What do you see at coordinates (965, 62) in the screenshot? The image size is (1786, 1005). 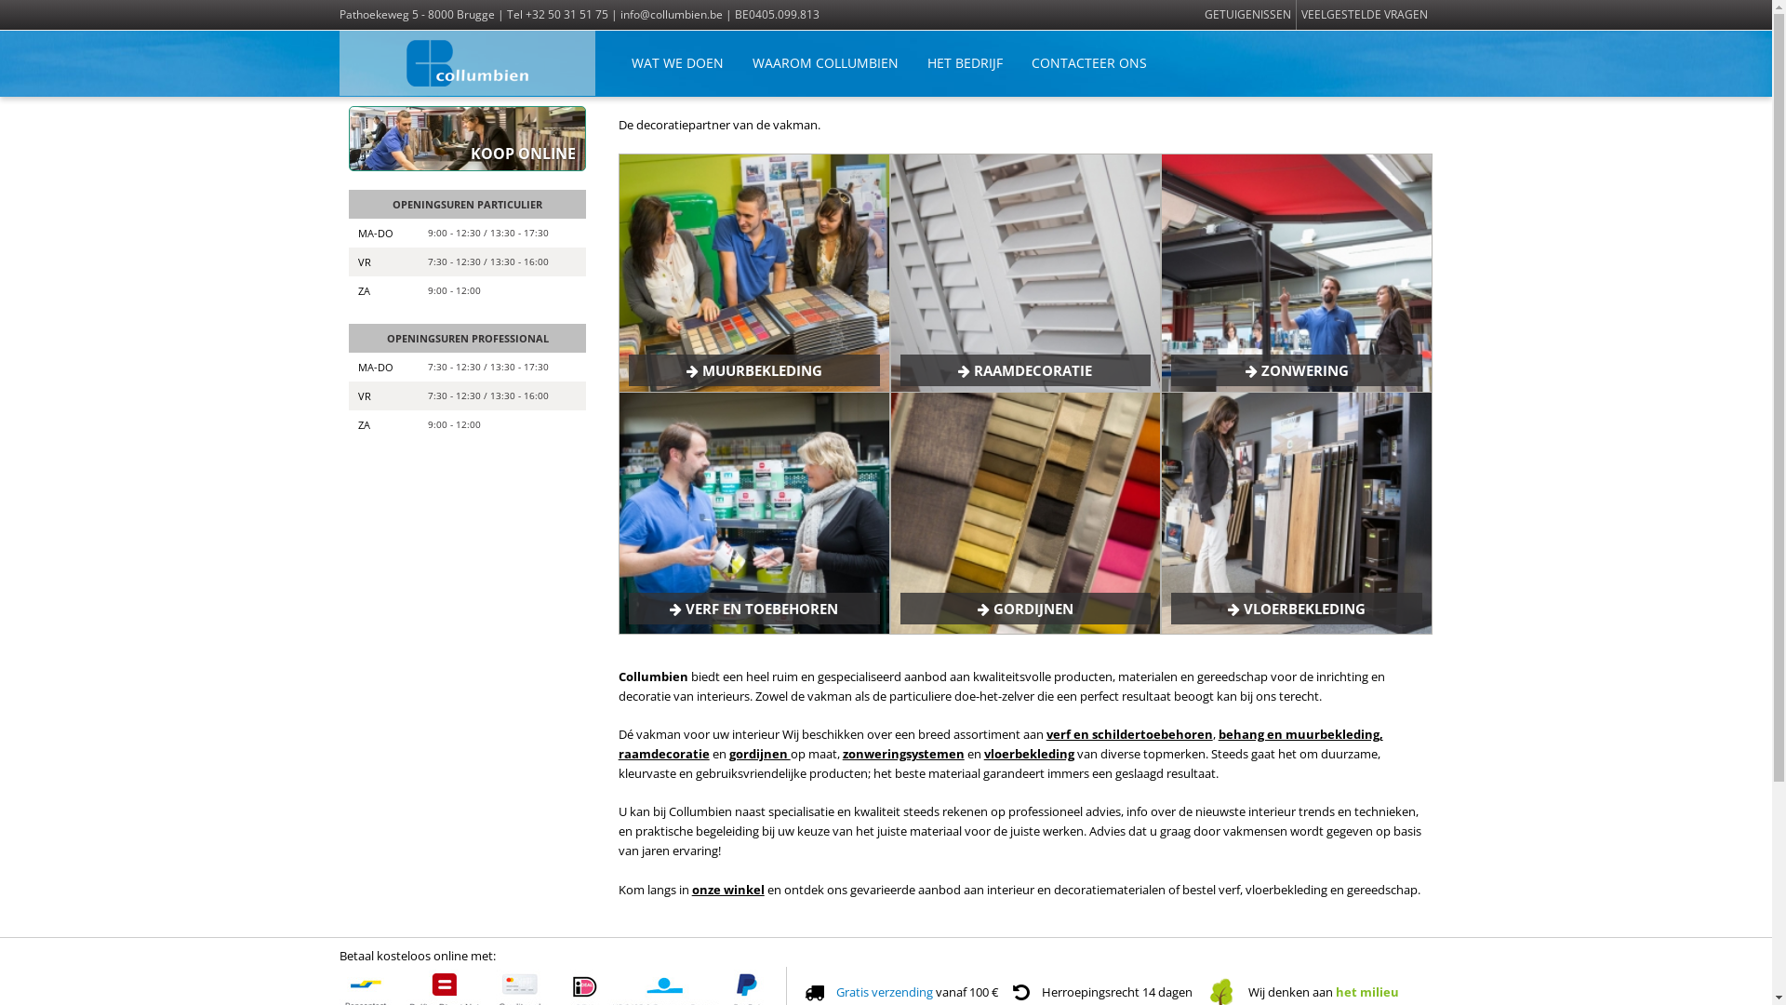 I see `'HET BEDRIJF'` at bounding box center [965, 62].